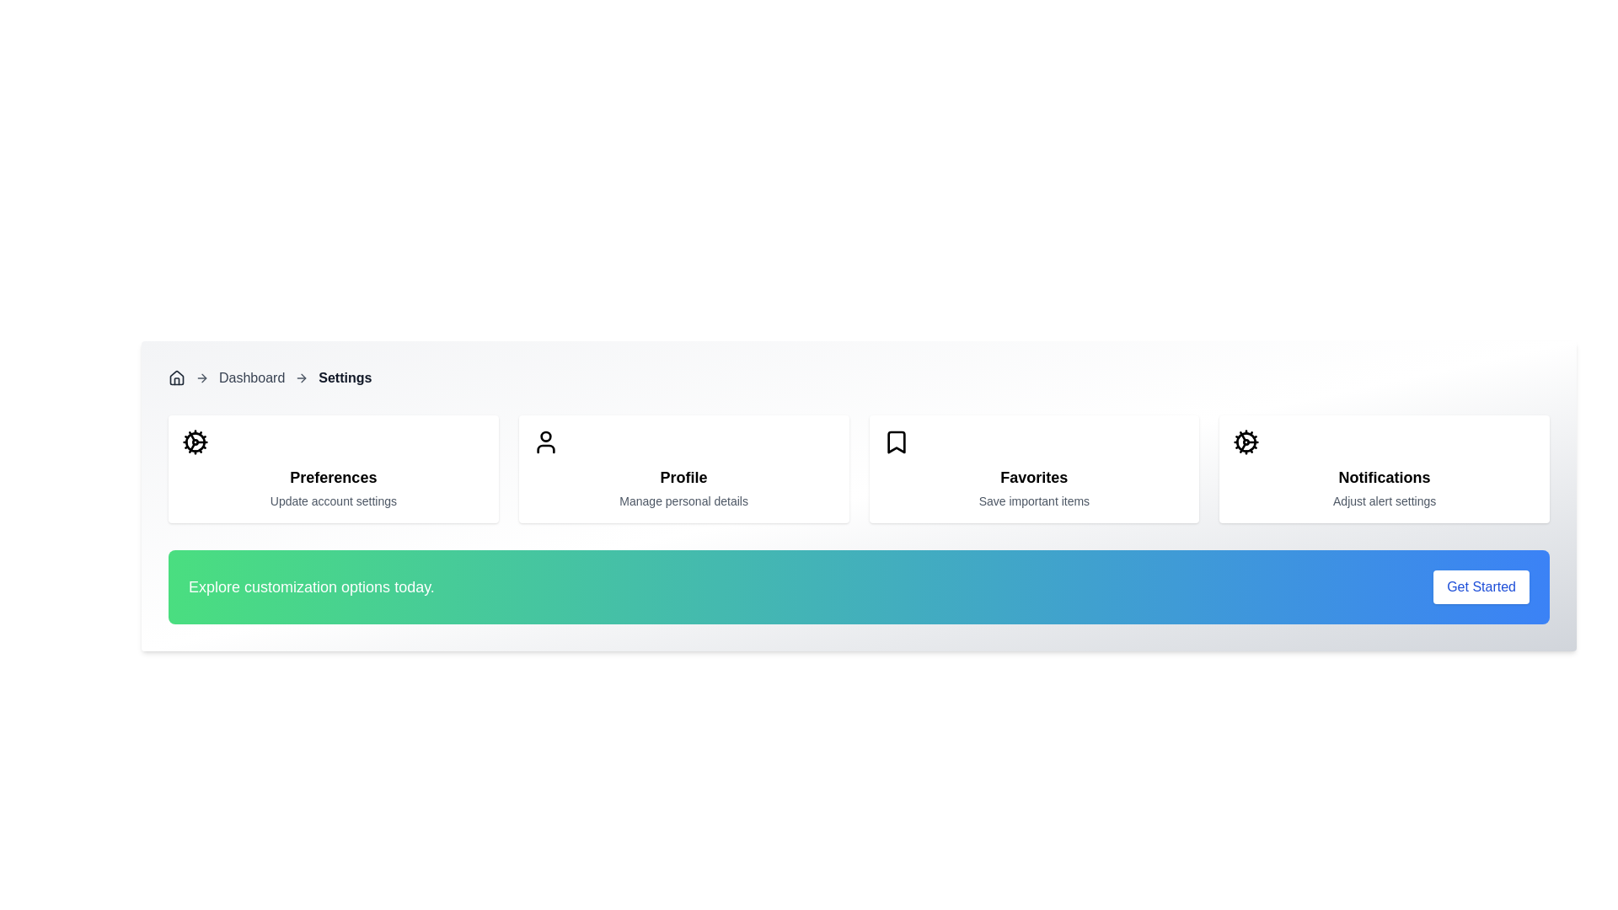  Describe the element at coordinates (202, 377) in the screenshot. I see `the rightward arrow icon with a gray stroke located in the breadcrumb navigation between 'Dashboard' and 'DashboardSettings'` at that location.